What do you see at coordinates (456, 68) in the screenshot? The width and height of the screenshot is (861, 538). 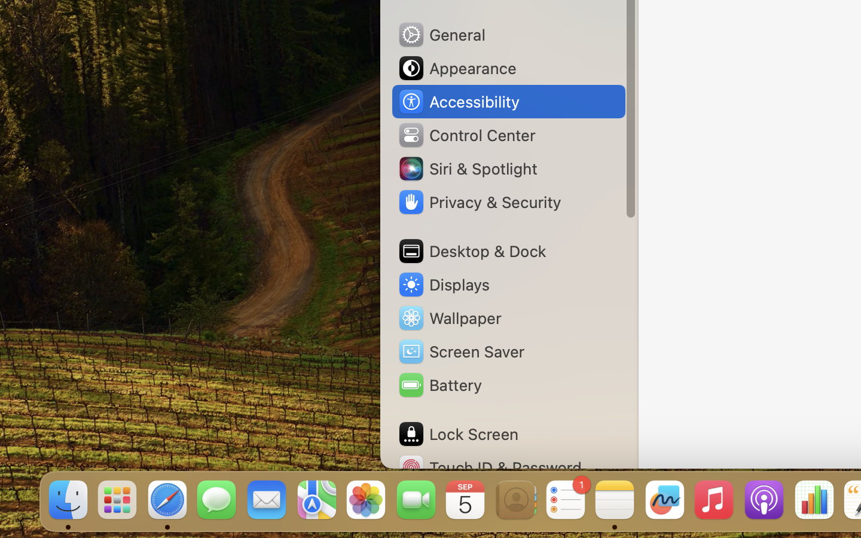 I see `'Appearance'` at bounding box center [456, 68].